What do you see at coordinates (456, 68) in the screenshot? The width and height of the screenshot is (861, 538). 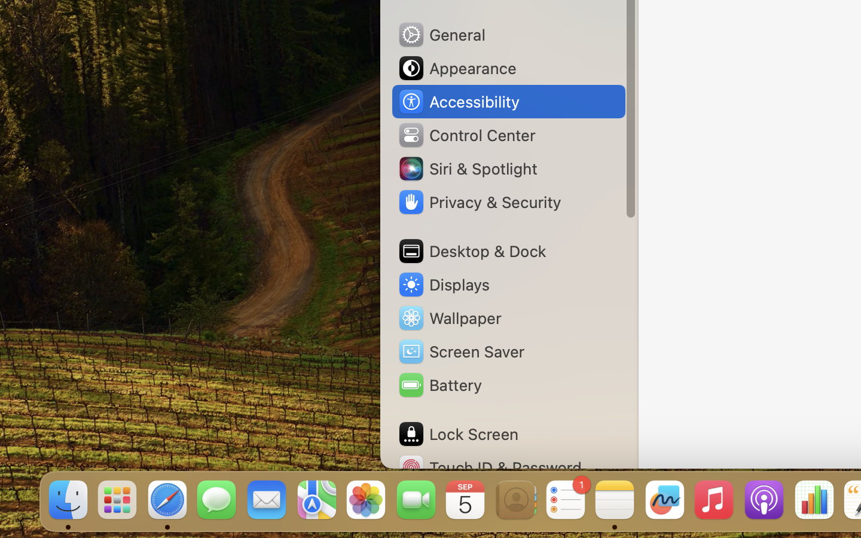 I see `'Appearance'` at bounding box center [456, 68].